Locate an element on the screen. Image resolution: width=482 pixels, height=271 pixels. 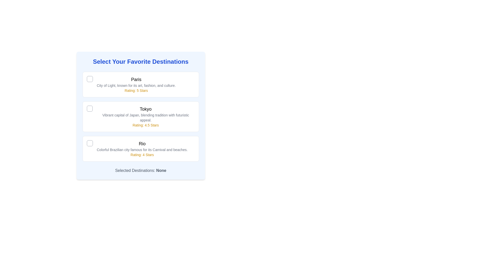
the selectable option box labeled 'Paris' is located at coordinates (141, 84).